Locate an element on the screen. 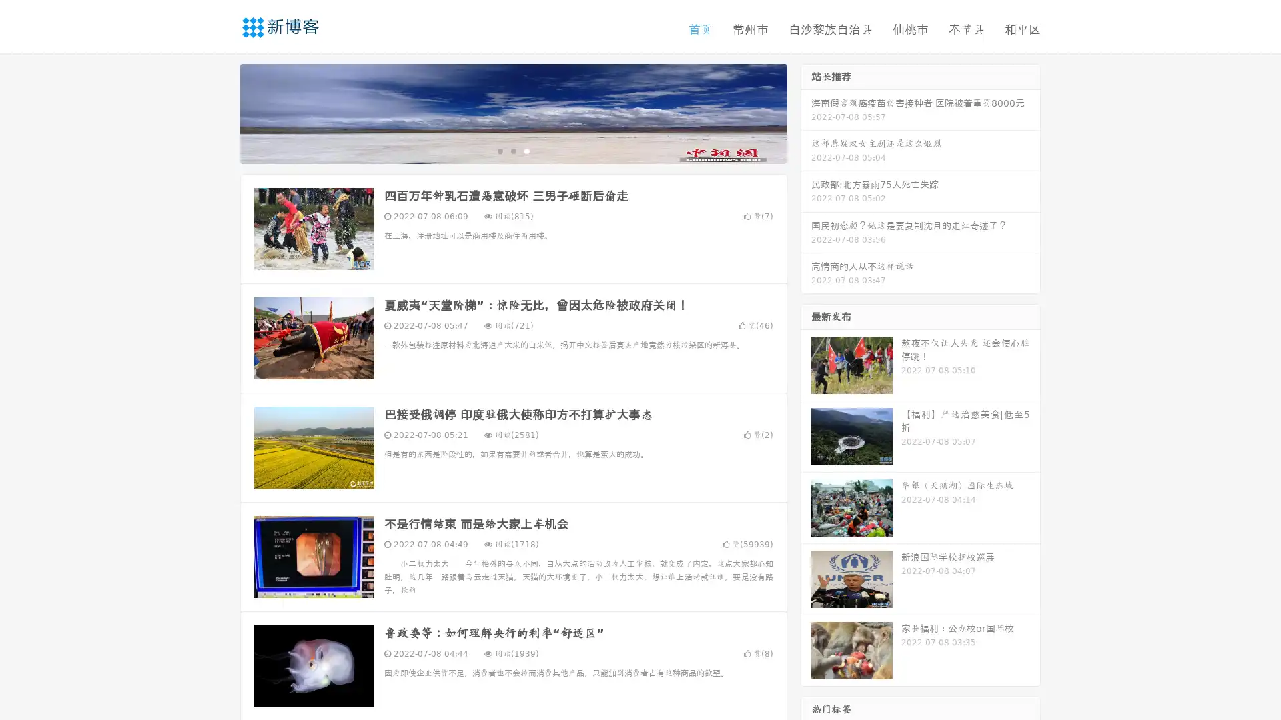  Go to slide 2 is located at coordinates (512, 150).